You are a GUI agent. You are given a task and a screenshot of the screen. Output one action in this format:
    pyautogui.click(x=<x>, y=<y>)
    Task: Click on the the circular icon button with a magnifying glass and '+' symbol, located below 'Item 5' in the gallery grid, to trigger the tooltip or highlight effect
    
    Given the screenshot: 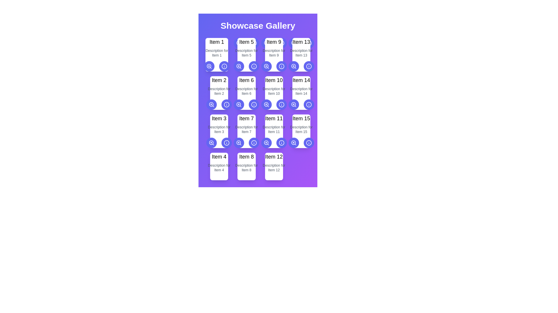 What is the action you would take?
    pyautogui.click(x=239, y=66)
    